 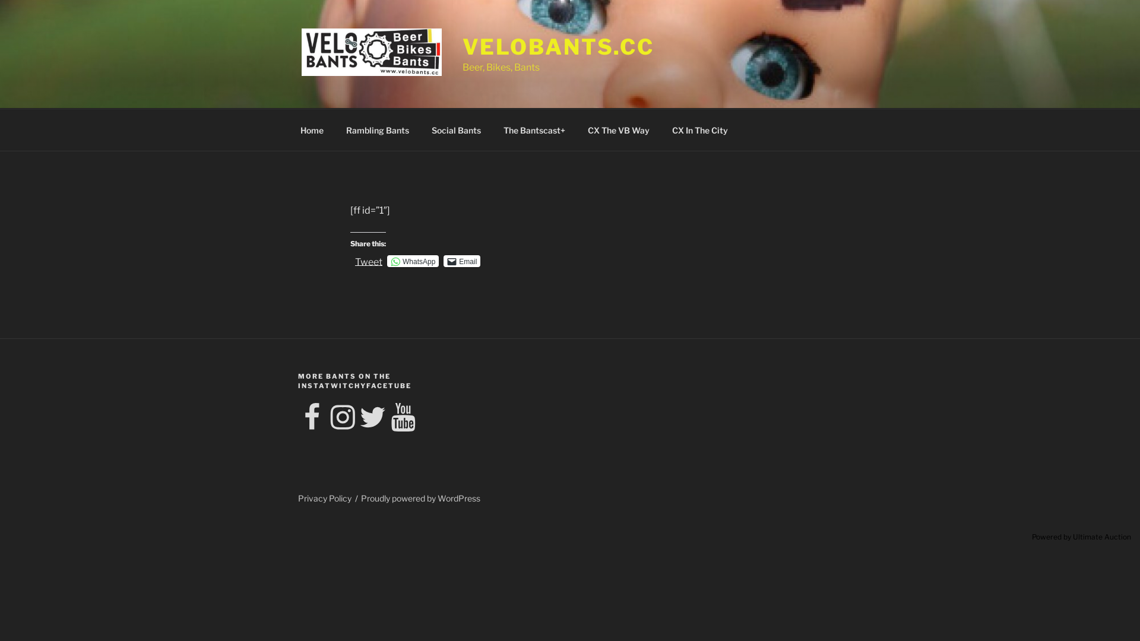 What do you see at coordinates (533, 129) in the screenshot?
I see `'The Bantscast+'` at bounding box center [533, 129].